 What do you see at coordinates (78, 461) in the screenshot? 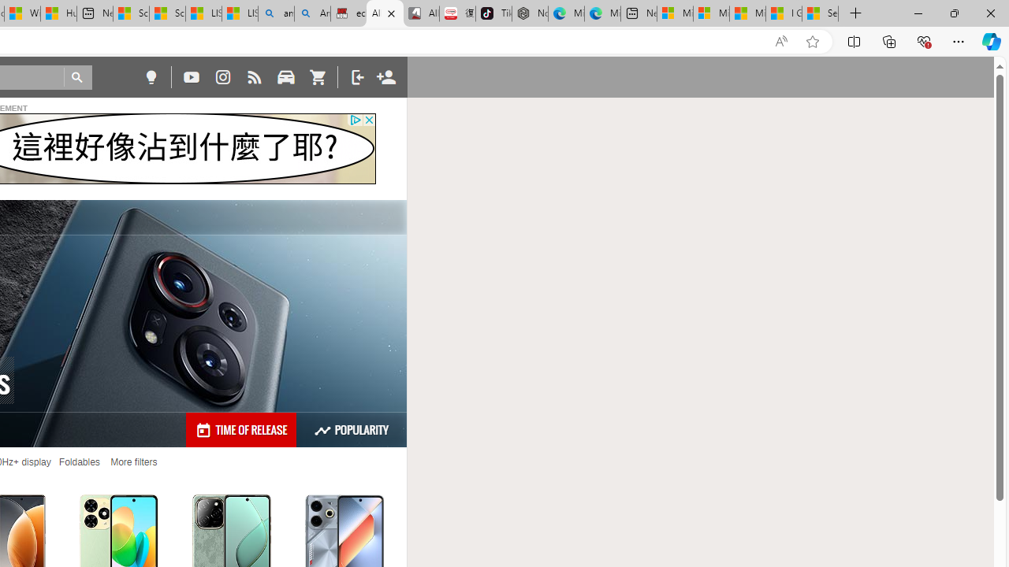
I see `'Foldables'` at bounding box center [78, 461].